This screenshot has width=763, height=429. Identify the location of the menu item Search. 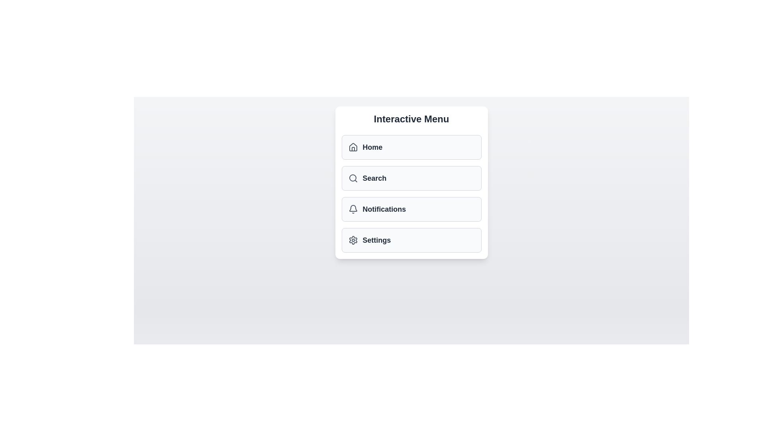
(411, 178).